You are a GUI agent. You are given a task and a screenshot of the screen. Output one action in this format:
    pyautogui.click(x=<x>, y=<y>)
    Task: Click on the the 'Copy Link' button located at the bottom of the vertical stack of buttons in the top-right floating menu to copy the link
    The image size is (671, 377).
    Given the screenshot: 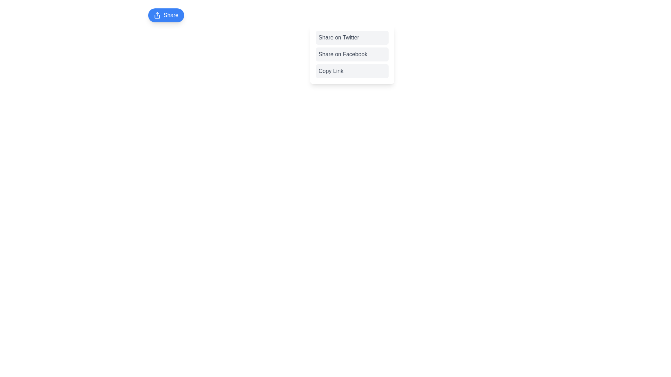 What is the action you would take?
    pyautogui.click(x=352, y=71)
    